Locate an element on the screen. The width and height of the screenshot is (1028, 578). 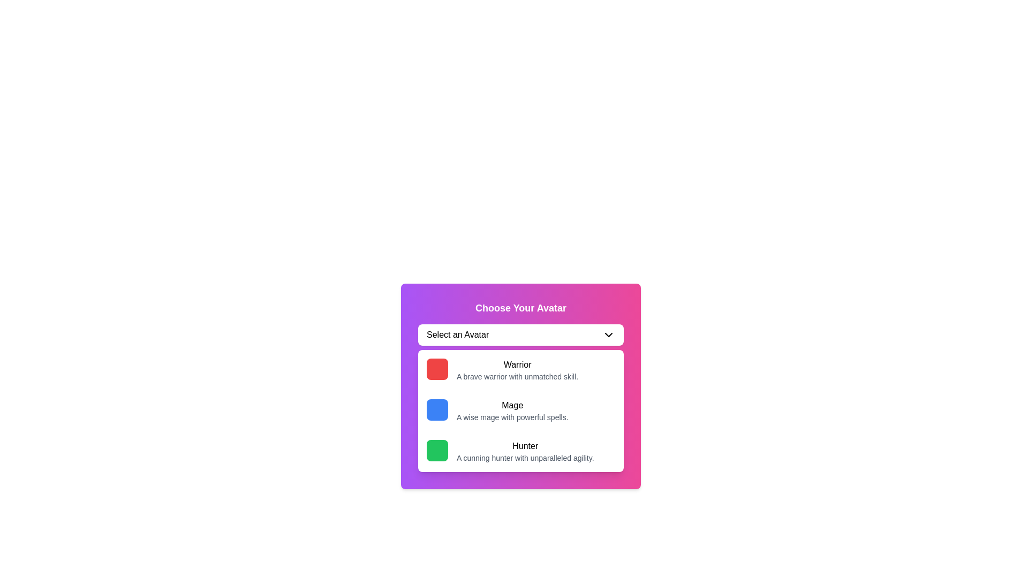
the 'Select an Avatar' dropdown menu toggle button is located at coordinates (521, 334).